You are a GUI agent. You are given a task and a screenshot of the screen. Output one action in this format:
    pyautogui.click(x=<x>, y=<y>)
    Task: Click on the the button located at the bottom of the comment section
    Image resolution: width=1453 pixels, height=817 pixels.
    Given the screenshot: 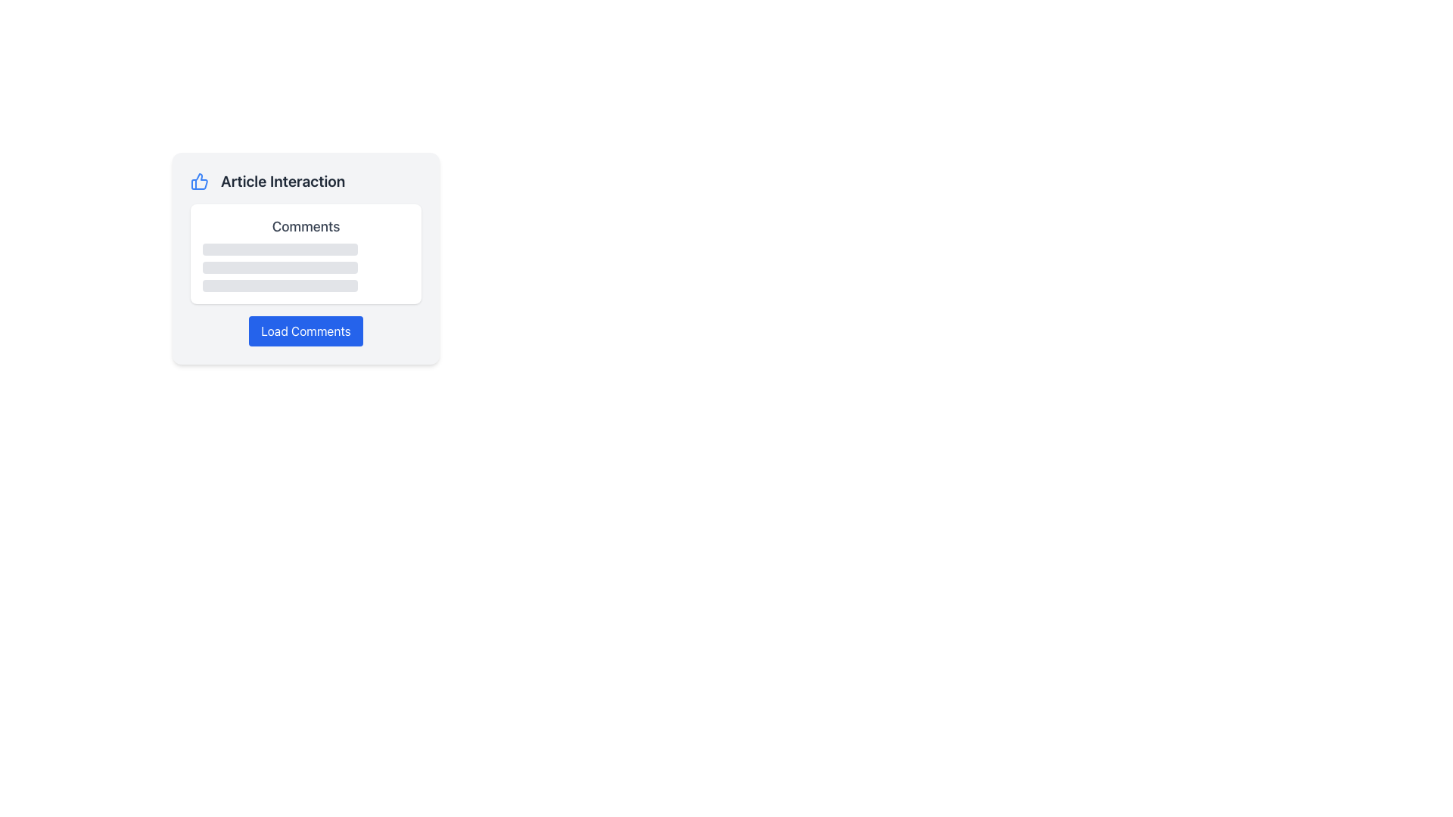 What is the action you would take?
    pyautogui.click(x=305, y=331)
    